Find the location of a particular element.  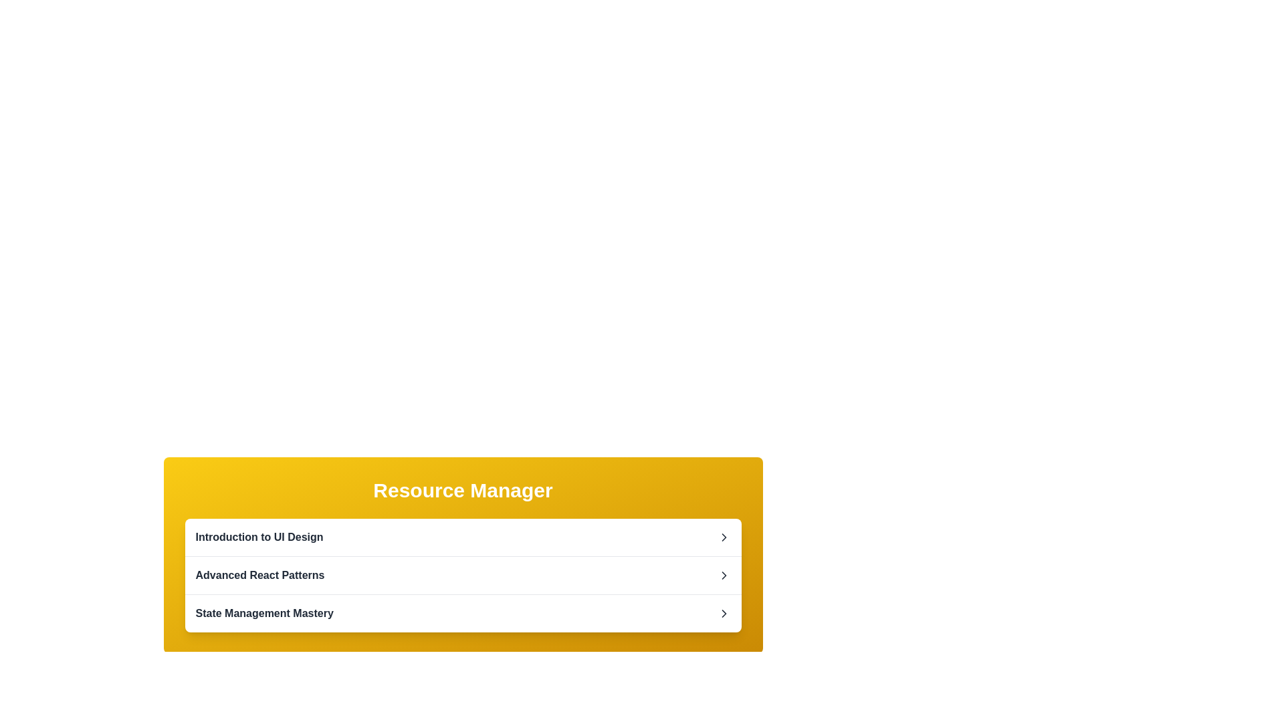

the first button in the vertically stacked list below the title 'Resource Manager' is located at coordinates (463, 536).